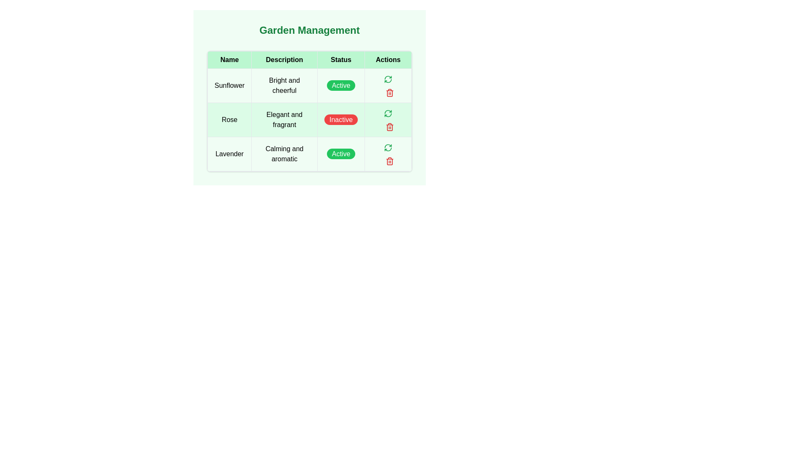 The image size is (811, 456). Describe the element at coordinates (341, 86) in the screenshot. I see `the 'Active' status label for the 'Sunflower' item in the 'Garden Management' interface, which is located in the first row of the 'Status' column` at that location.